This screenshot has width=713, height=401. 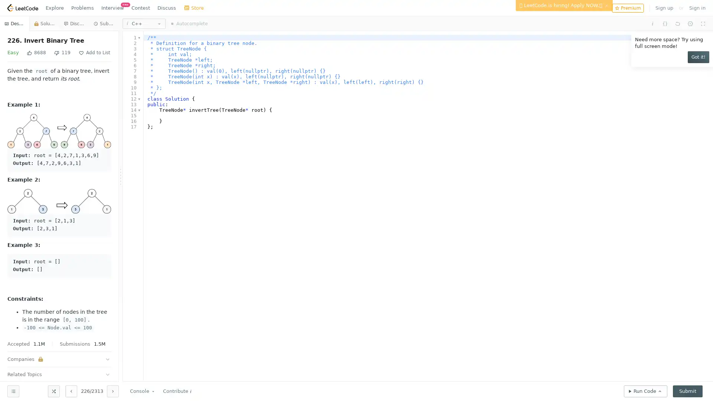 What do you see at coordinates (627, 7) in the screenshot?
I see `Premium` at bounding box center [627, 7].